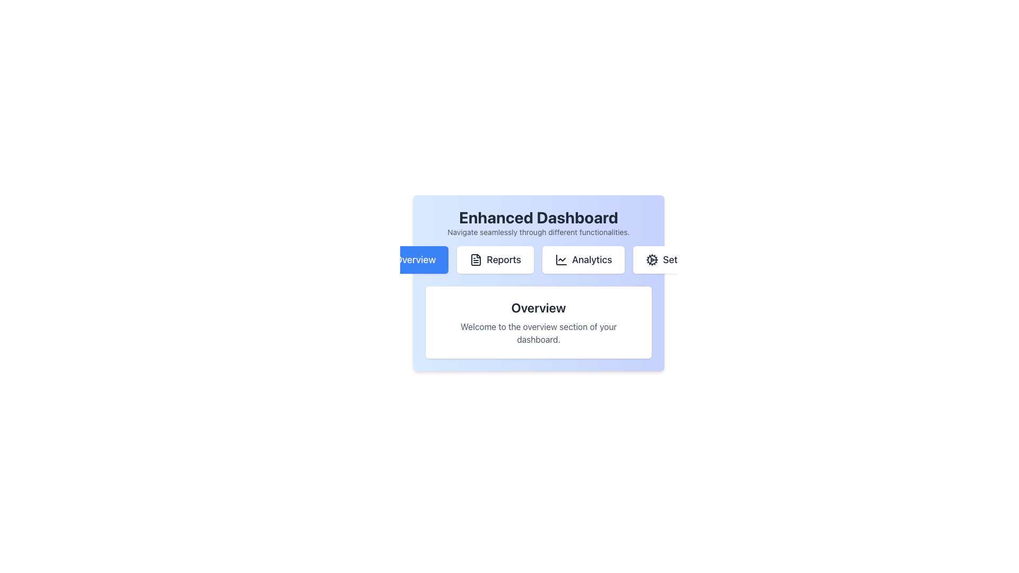  I want to click on the static text that provides a welcoming message and contextual information for the overview section of the dashboard, located below the title 'Overview', so click(538, 333).